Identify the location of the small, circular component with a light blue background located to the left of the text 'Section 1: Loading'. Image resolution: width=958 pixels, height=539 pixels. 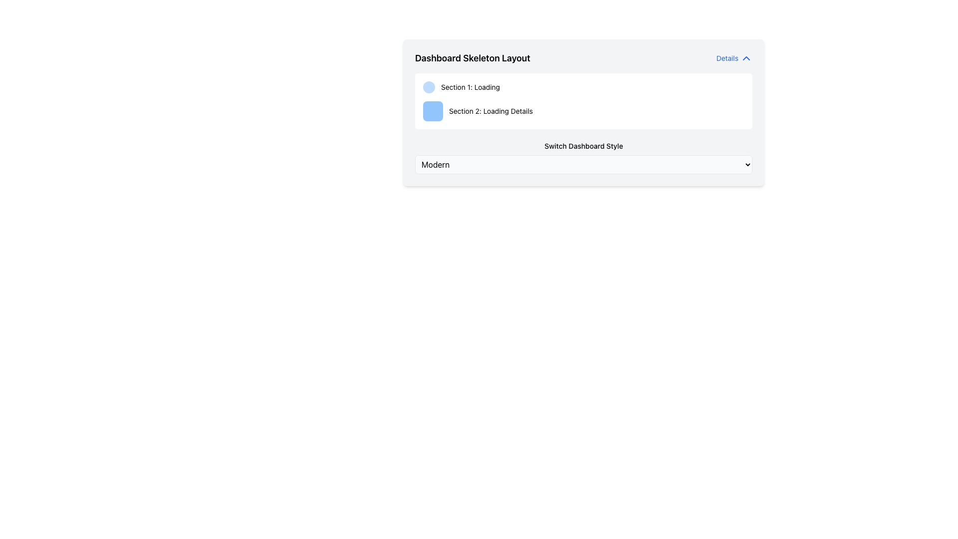
(429, 86).